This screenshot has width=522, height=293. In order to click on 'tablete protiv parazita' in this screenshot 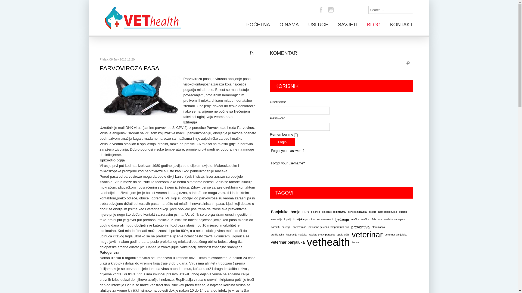, I will do `click(322, 234)`.